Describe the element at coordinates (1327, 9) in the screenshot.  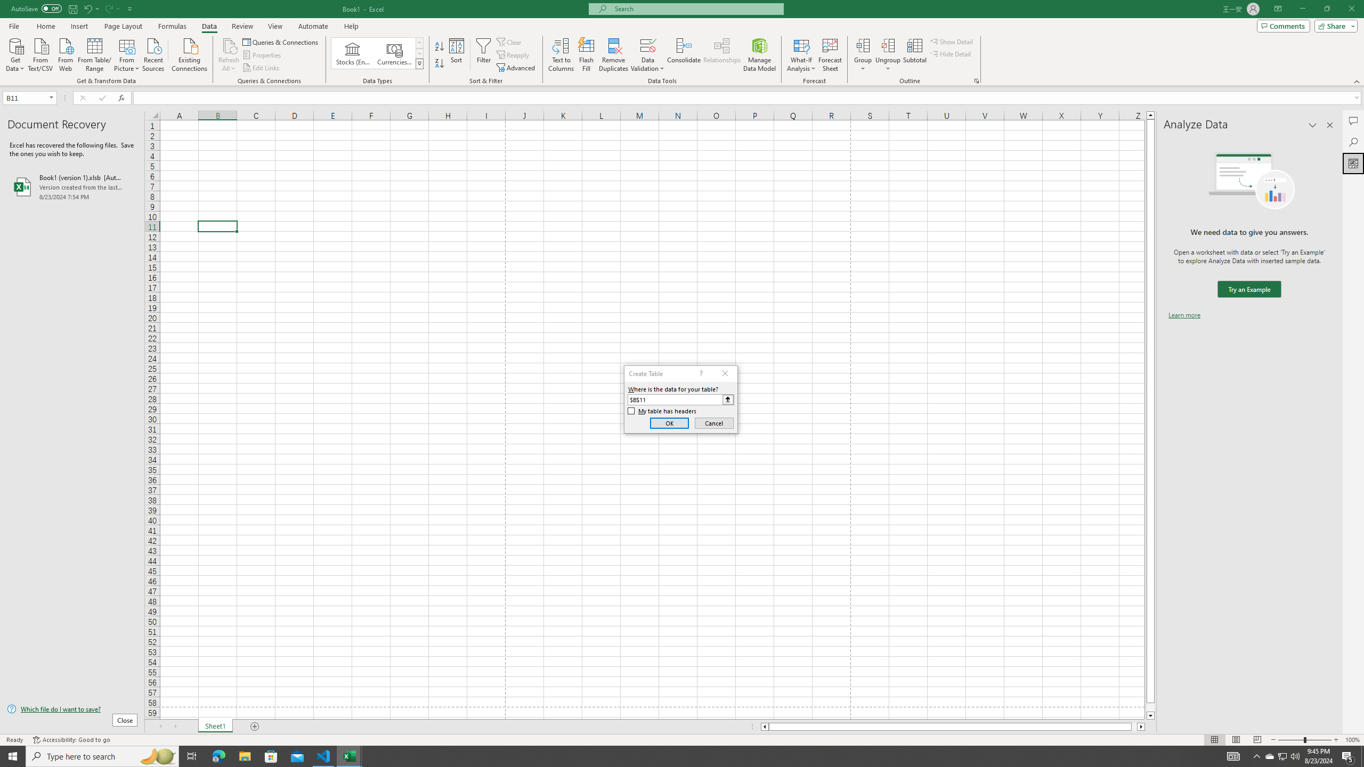
I see `'Restore Down'` at that location.